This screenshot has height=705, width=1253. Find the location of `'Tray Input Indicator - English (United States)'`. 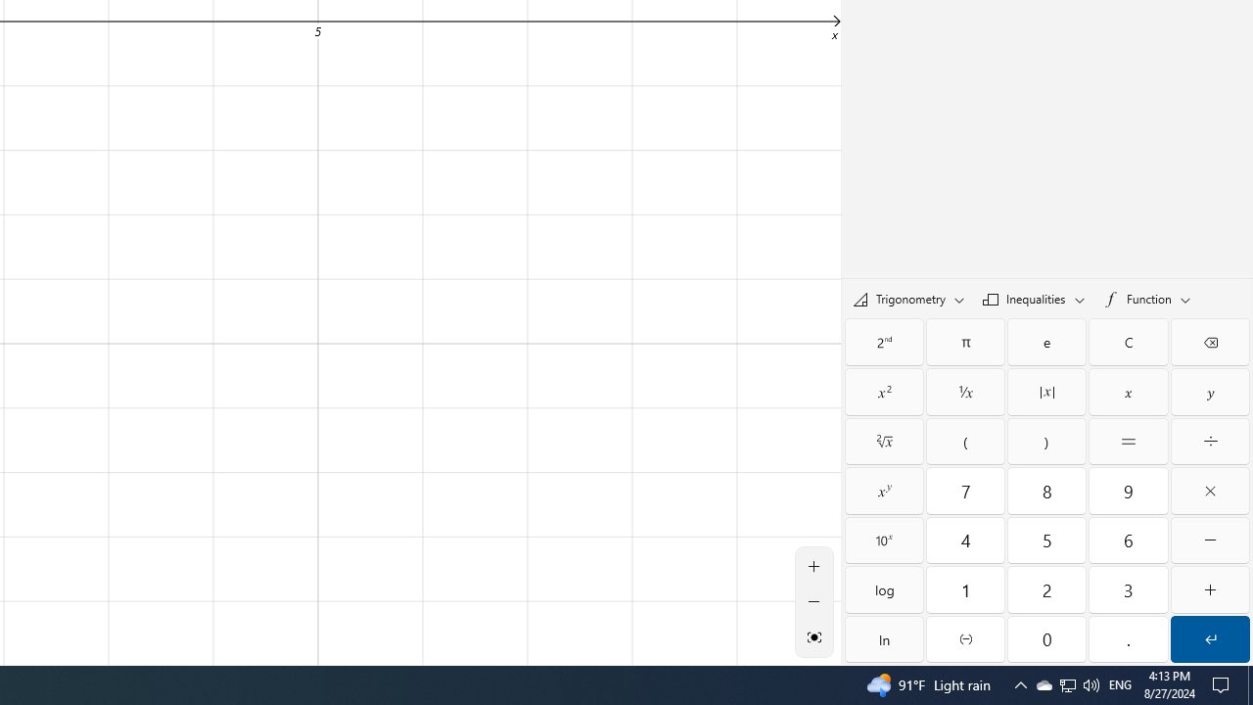

'Tray Input Indicator - English (United States)' is located at coordinates (1120, 683).